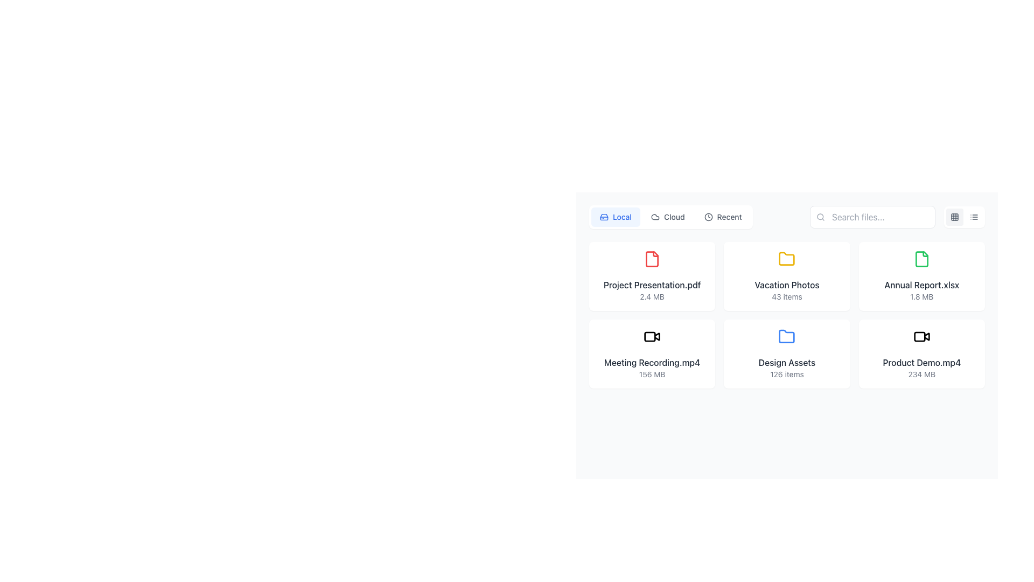  What do you see at coordinates (787, 290) in the screenshot?
I see `the text information displayed in the Label that reads 'Vacation Photos' in bold dark gray and '43 items' in smaller light gray, located in the second column and second row of the grid layout` at bounding box center [787, 290].